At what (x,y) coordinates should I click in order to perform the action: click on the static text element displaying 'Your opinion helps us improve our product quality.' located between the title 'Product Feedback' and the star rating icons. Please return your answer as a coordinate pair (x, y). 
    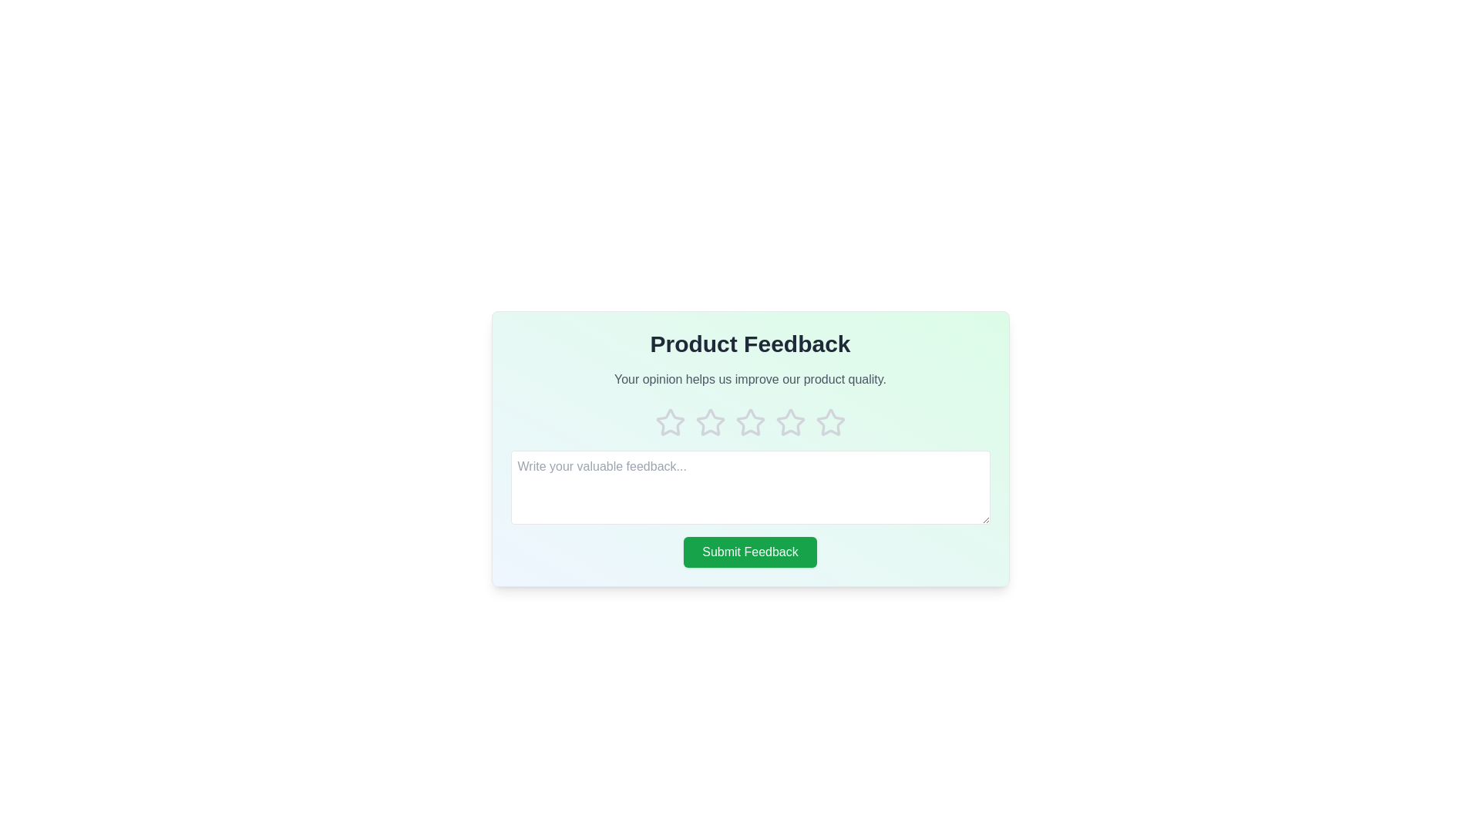
    Looking at the image, I should click on (750, 380).